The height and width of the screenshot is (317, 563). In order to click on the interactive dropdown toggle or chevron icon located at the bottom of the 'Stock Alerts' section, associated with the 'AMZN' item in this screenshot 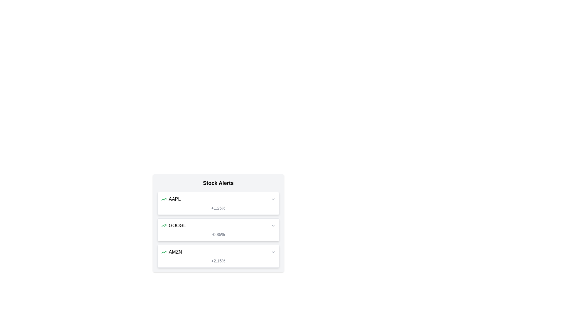, I will do `click(273, 252)`.